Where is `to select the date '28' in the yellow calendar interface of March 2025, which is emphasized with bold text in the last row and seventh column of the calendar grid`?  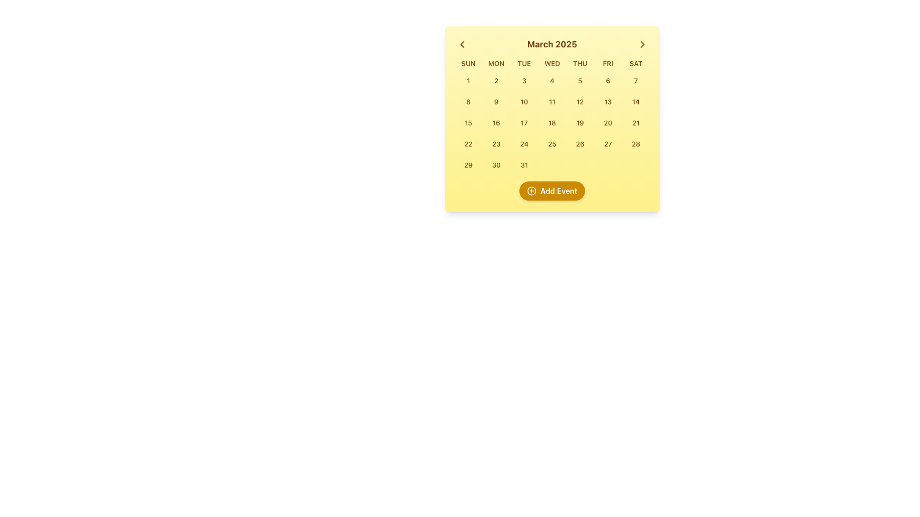
to select the date '28' in the yellow calendar interface of March 2025, which is emphasized with bold text in the last row and seventh column of the calendar grid is located at coordinates (636, 144).